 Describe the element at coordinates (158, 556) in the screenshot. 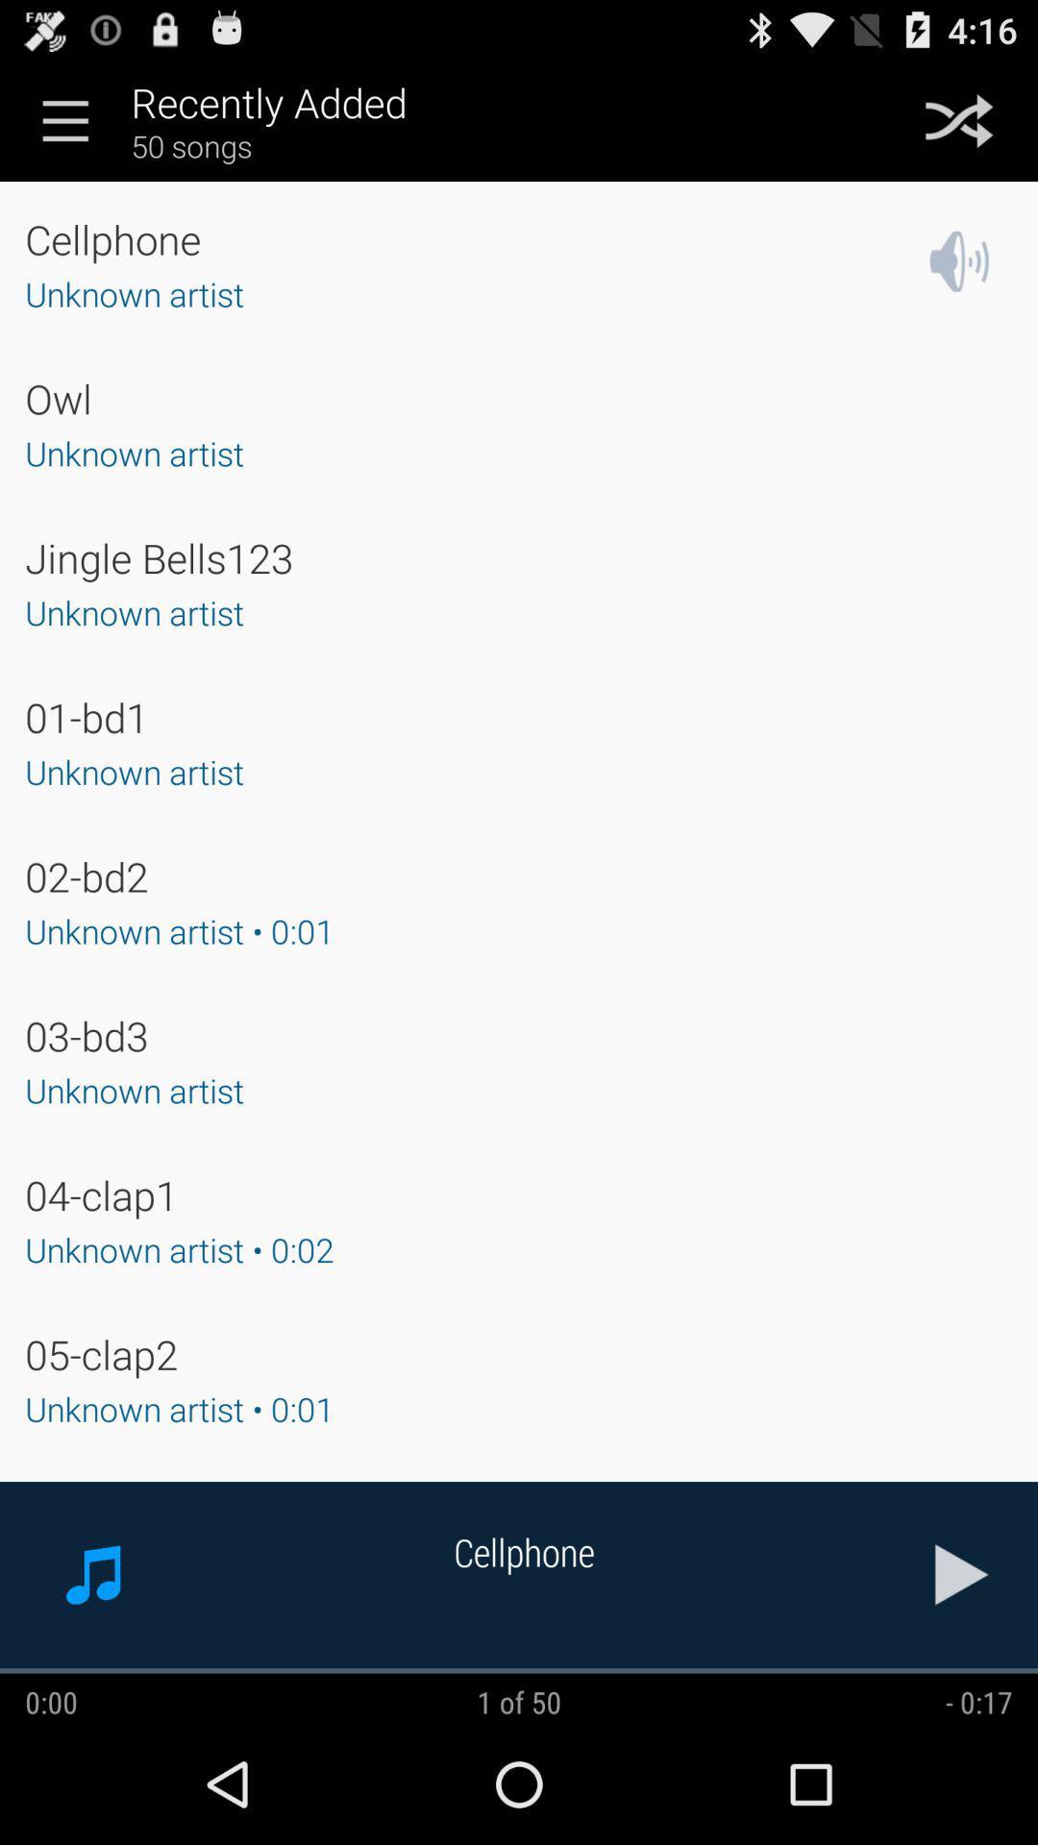

I see `the jingle bells123` at that location.